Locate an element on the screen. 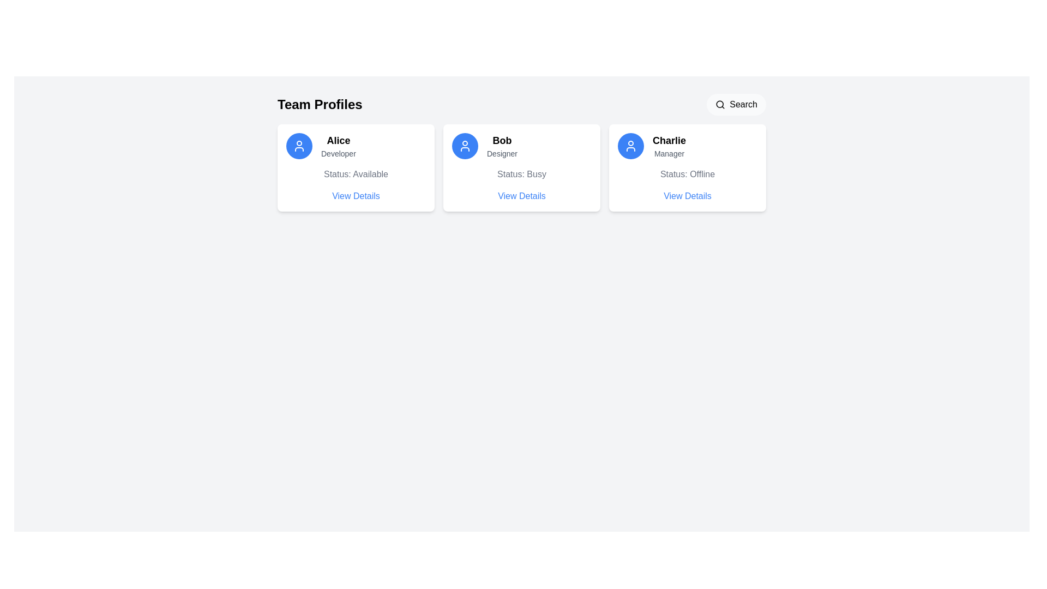 The image size is (1047, 589). the job title label for the individual 'Bob' located below his name in the 'Team Profiles' section of the card is located at coordinates (502, 153).